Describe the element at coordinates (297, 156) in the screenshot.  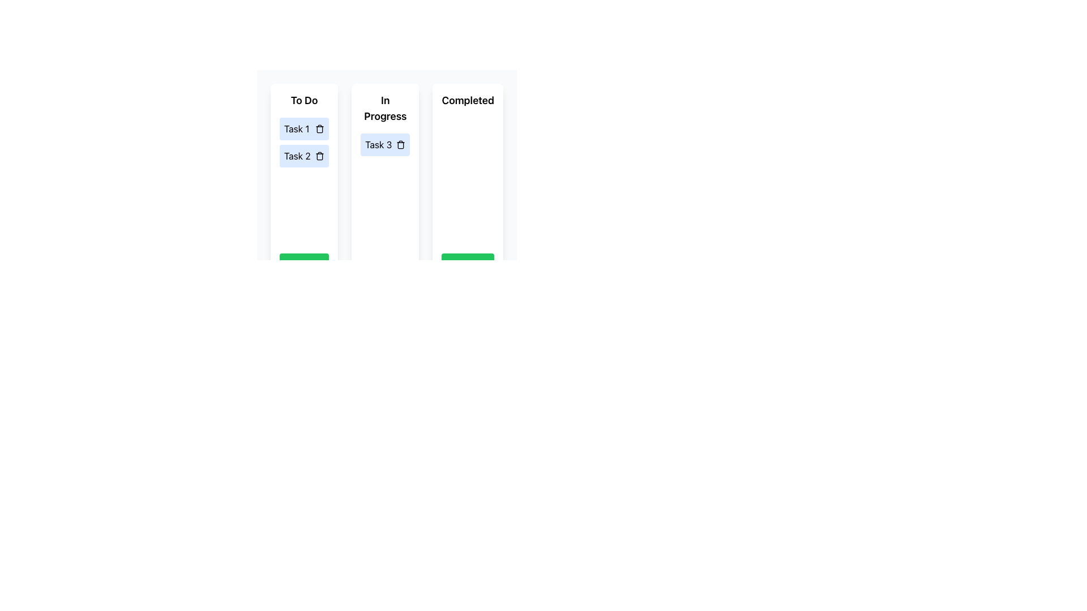
I see `the text label displaying 'Task 2', located in the 'To Do' column of the task management interface, which is the second item in the vertical list of task cards` at that location.